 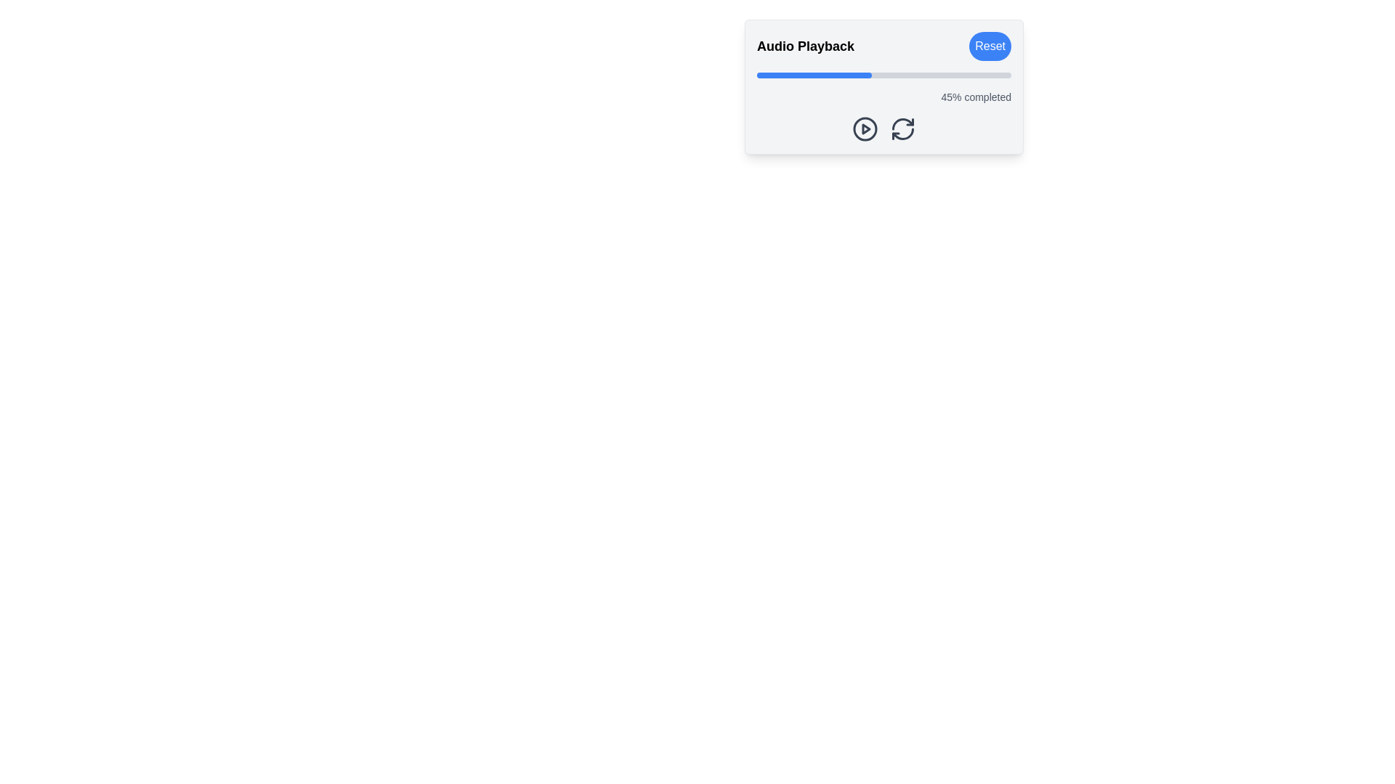 What do you see at coordinates (865, 128) in the screenshot?
I see `the circular play icon button styled in dark gray, which is the first interactive icon in a center-justified layout` at bounding box center [865, 128].